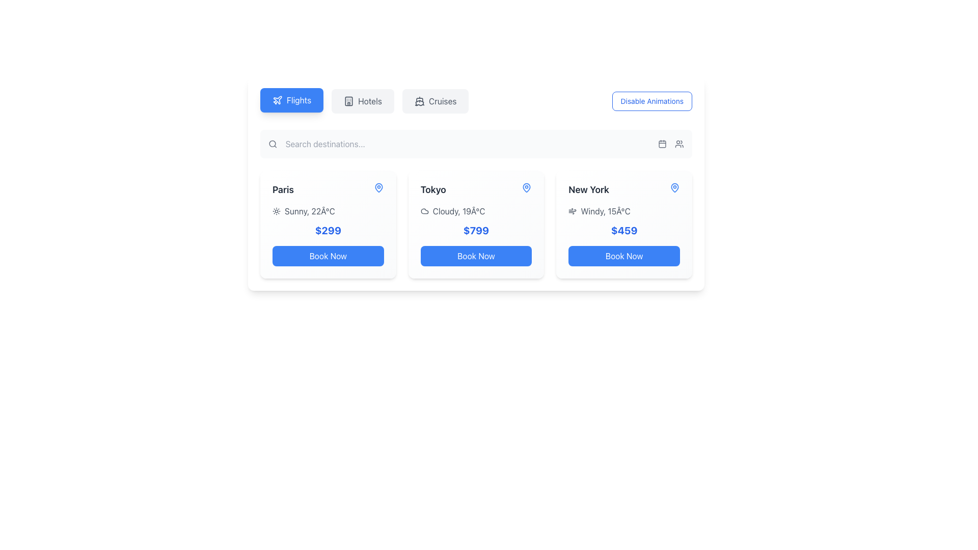 Image resolution: width=978 pixels, height=550 pixels. Describe the element at coordinates (328, 230) in the screenshot. I see `the price text displaying '$299' which is located below the weather information in the 'Paris' information card` at that location.